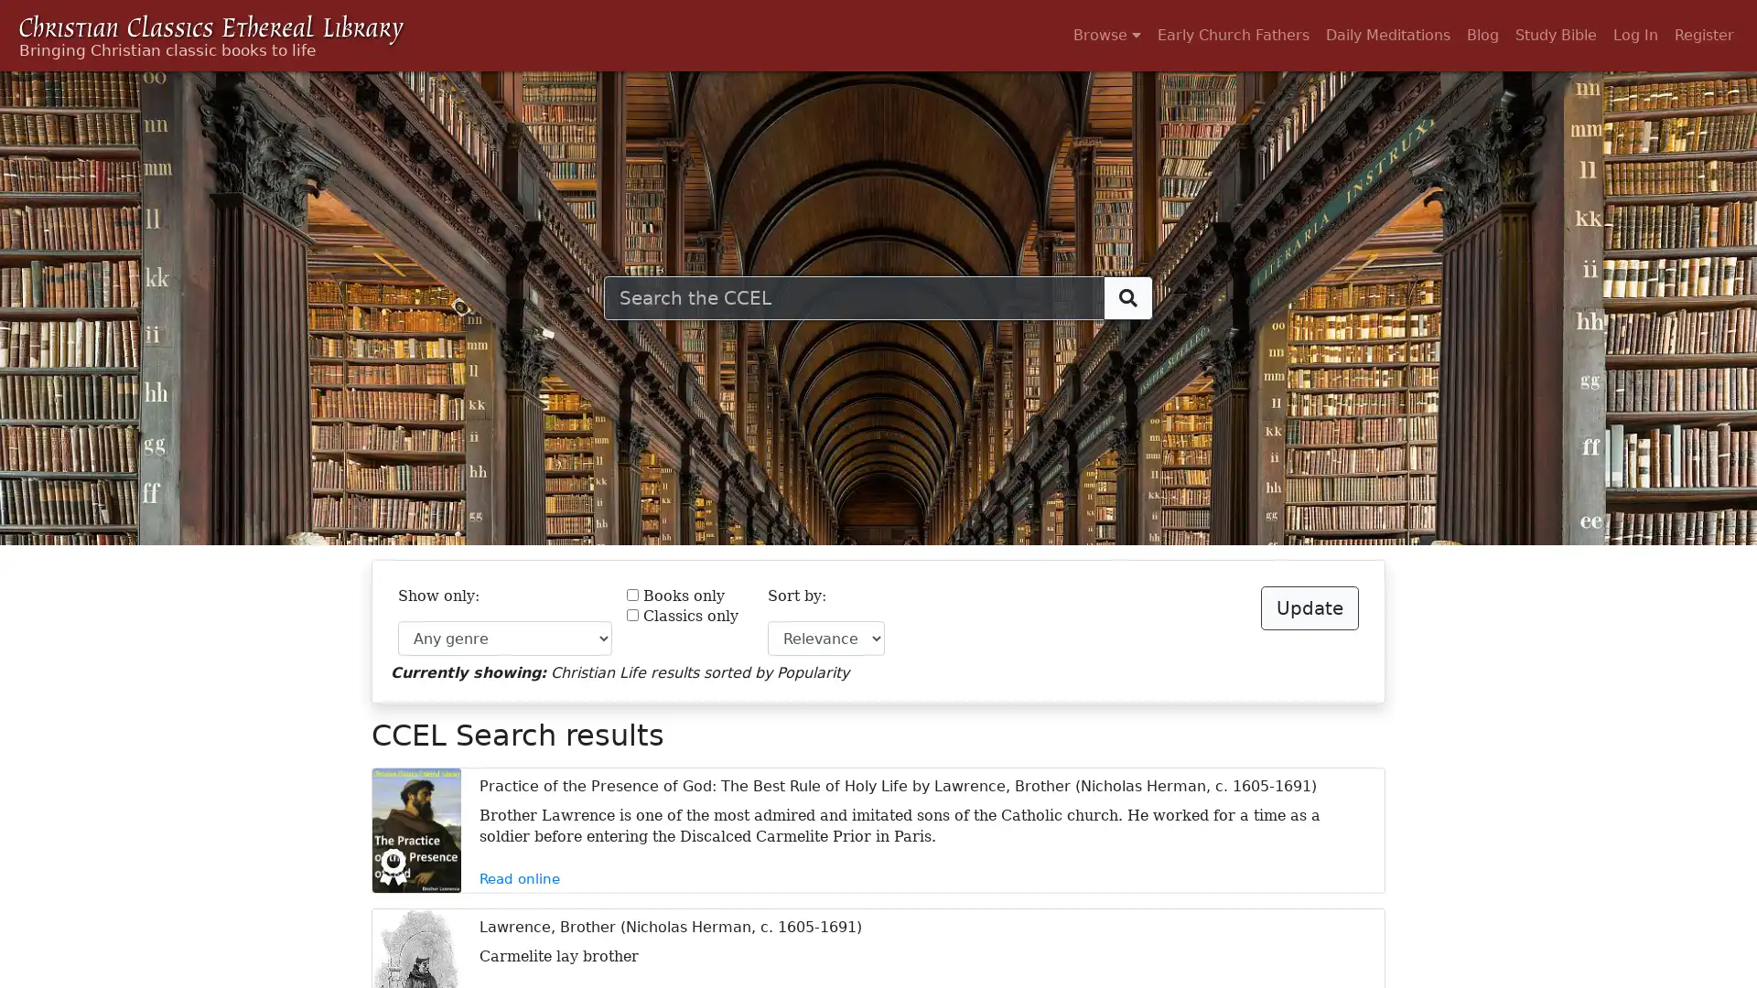 The height and width of the screenshot is (988, 1757). I want to click on Log In, so click(1635, 35).